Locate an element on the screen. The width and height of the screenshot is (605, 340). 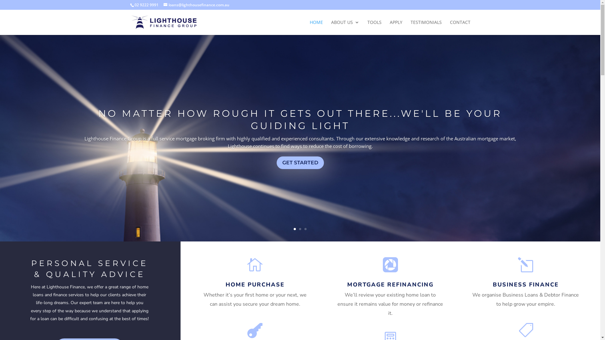
'loans@lighthousefinance.com.au' is located at coordinates (196, 5).